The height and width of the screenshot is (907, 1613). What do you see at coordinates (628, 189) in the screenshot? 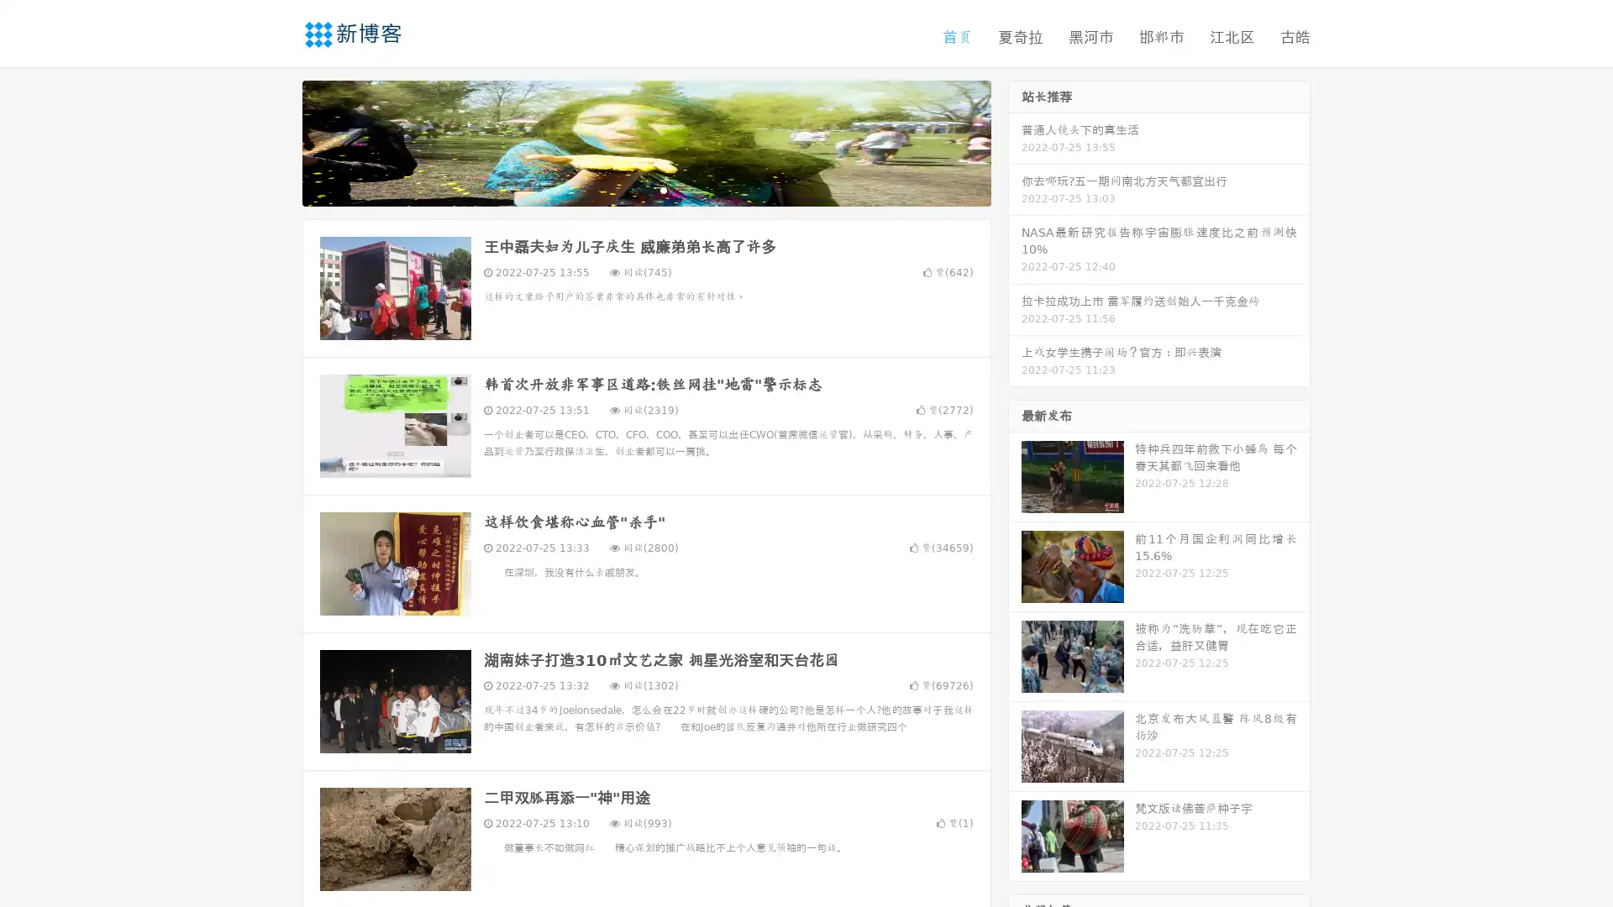
I see `Go to slide 1` at bounding box center [628, 189].